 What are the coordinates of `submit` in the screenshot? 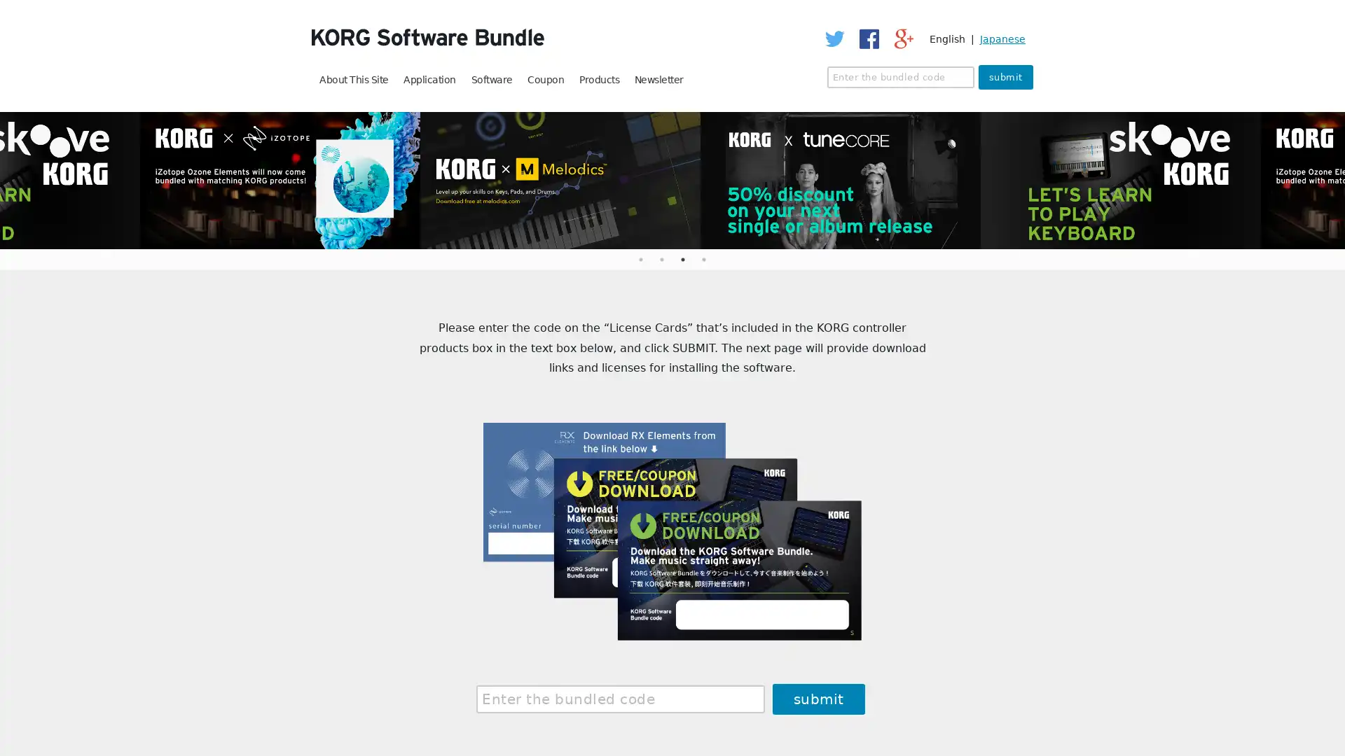 It's located at (1005, 77).